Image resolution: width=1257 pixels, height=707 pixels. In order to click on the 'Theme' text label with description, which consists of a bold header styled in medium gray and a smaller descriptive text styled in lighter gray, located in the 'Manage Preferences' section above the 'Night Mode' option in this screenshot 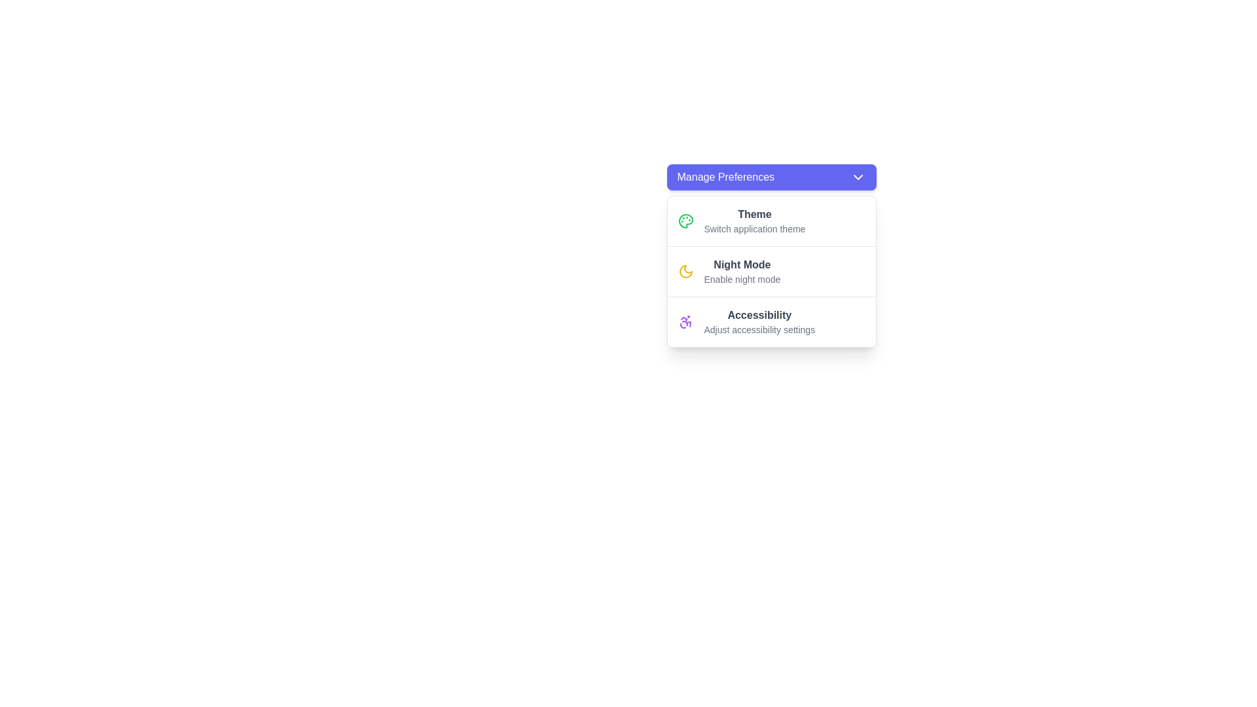, I will do `click(754, 221)`.